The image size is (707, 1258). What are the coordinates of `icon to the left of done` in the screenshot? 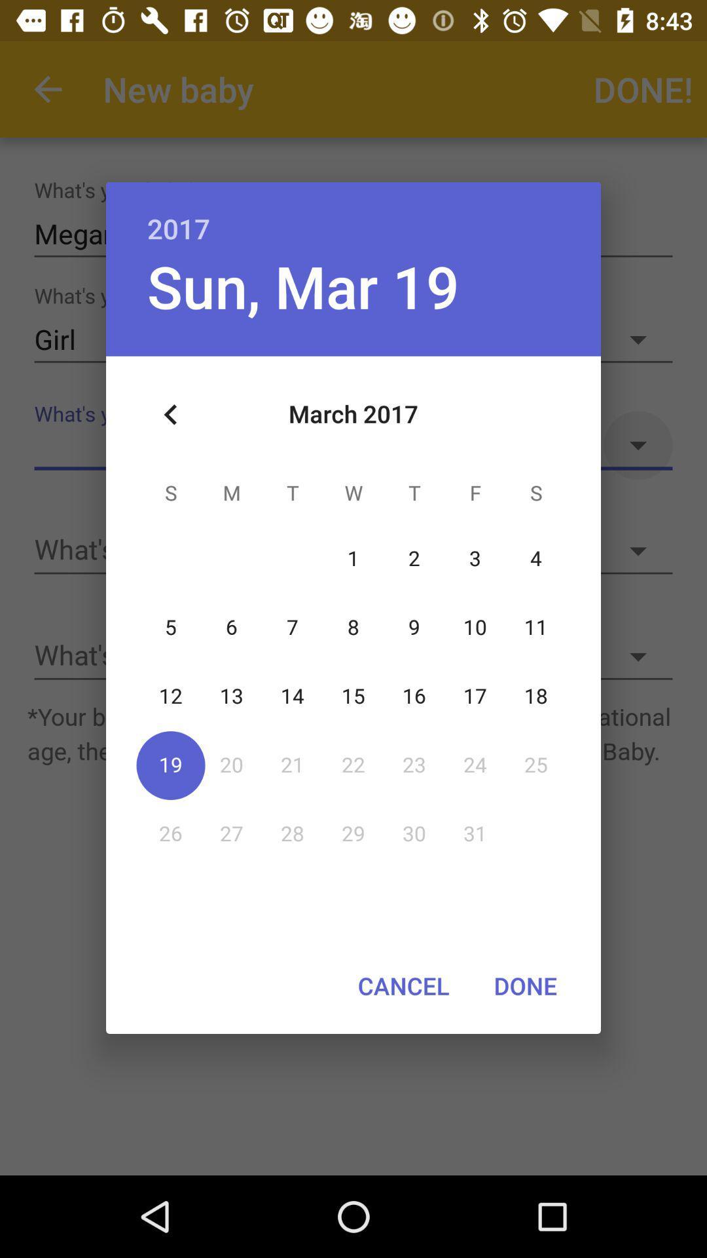 It's located at (403, 985).